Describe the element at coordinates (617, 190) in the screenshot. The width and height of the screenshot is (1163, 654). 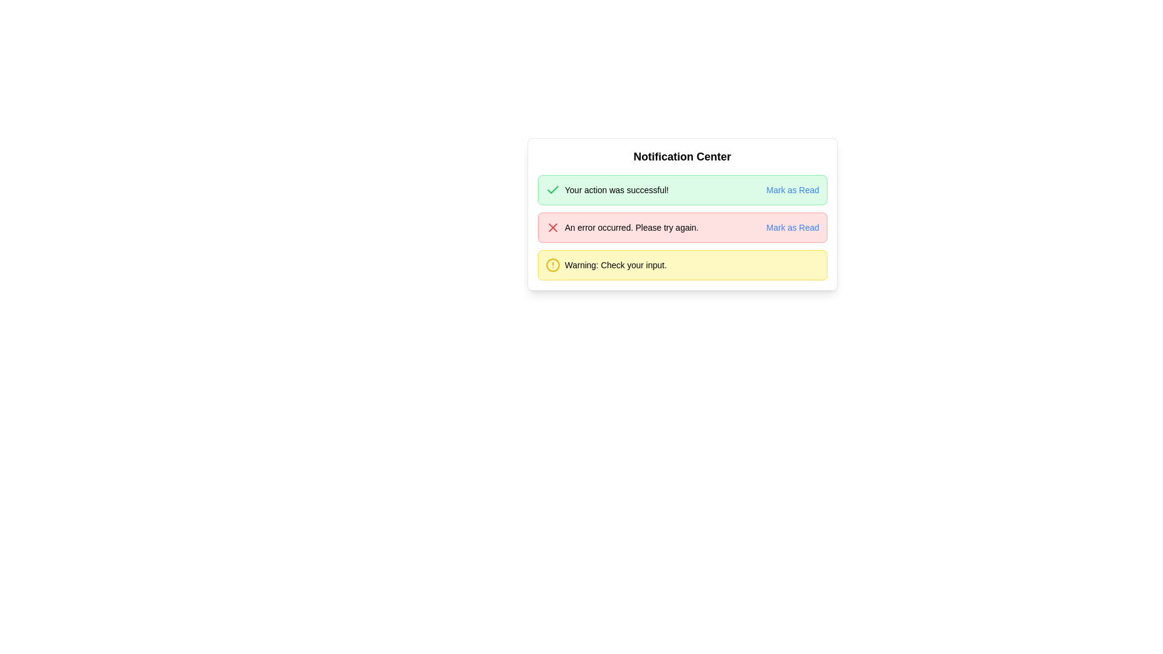
I see `the static text label indicating a successful action notification, which is located to the right of an SVG check icon in the notification center` at that location.